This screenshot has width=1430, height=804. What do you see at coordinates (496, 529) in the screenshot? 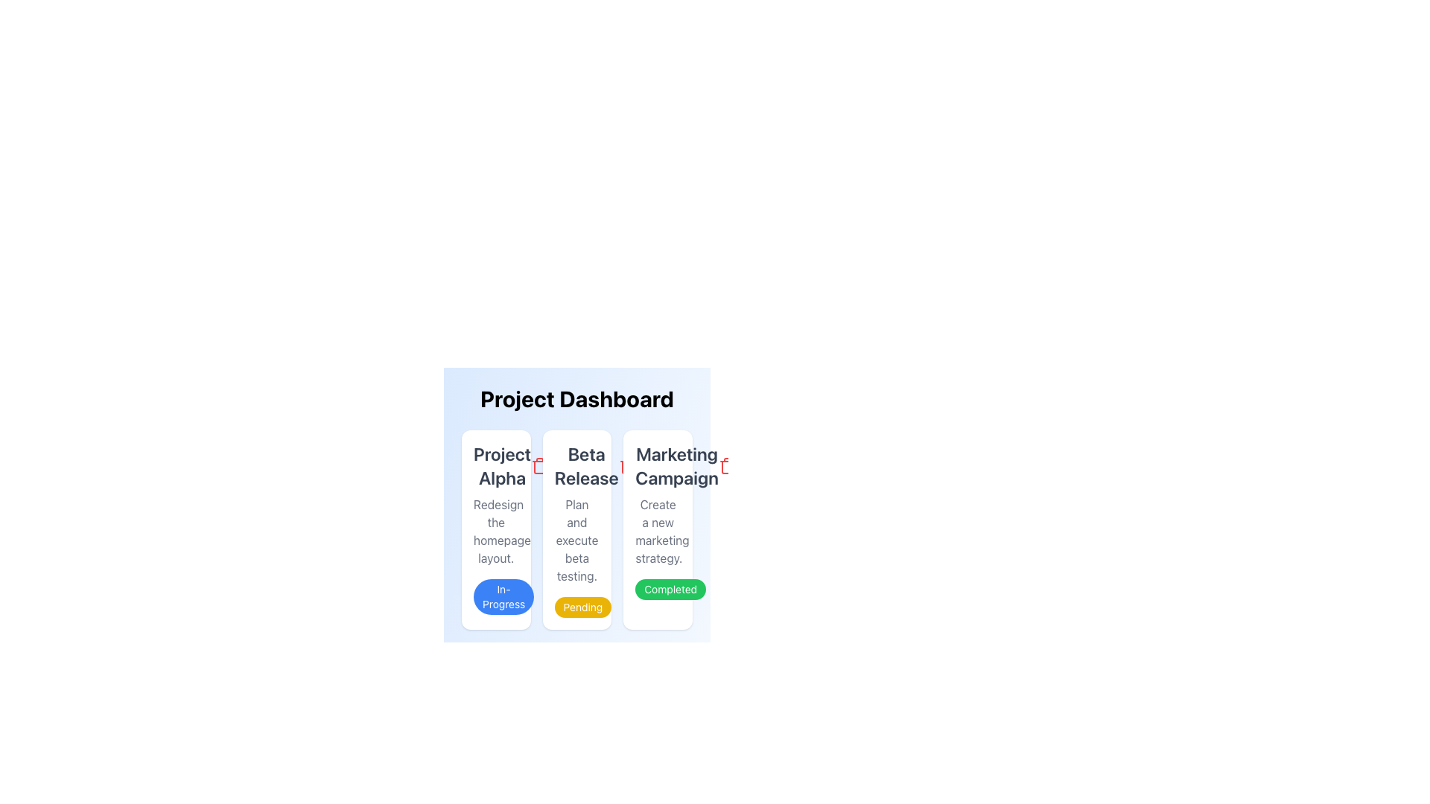
I see `the 'In-Progress' button on the 'Project Alpha' card, which is the first card in the grid layout under the 'Project Dashboard' heading` at bounding box center [496, 529].